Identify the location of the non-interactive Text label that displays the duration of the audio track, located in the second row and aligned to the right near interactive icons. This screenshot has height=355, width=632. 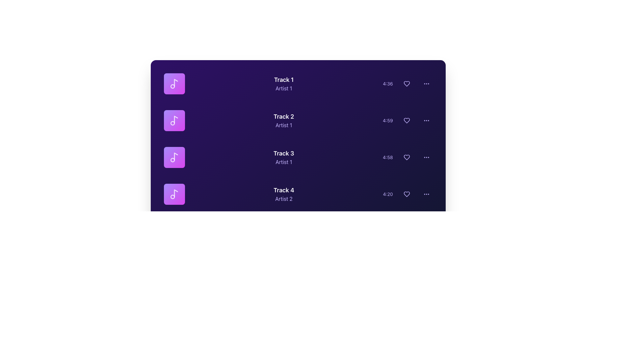
(388, 120).